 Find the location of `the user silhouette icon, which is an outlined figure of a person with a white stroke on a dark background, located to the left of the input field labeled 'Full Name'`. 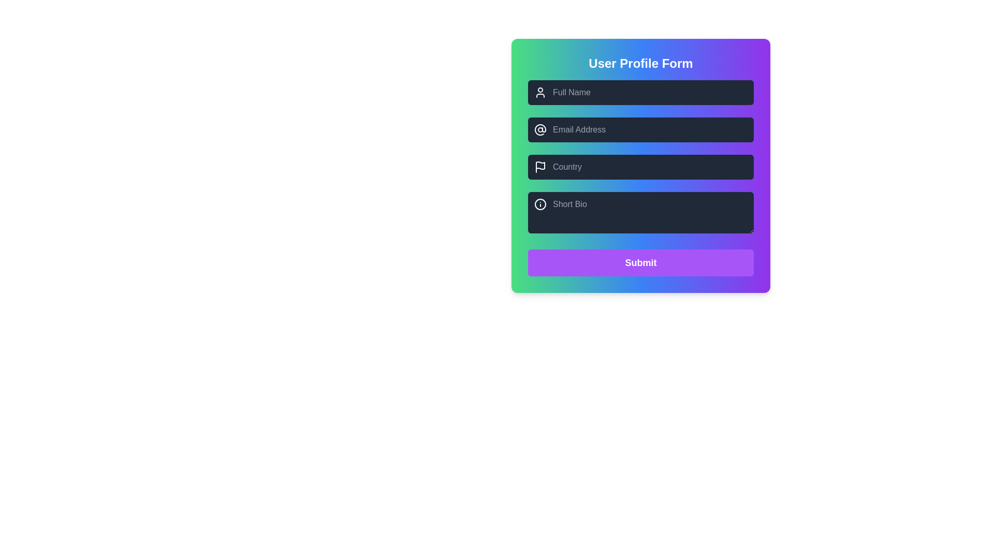

the user silhouette icon, which is an outlined figure of a person with a white stroke on a dark background, located to the left of the input field labeled 'Full Name' is located at coordinates (539, 92).